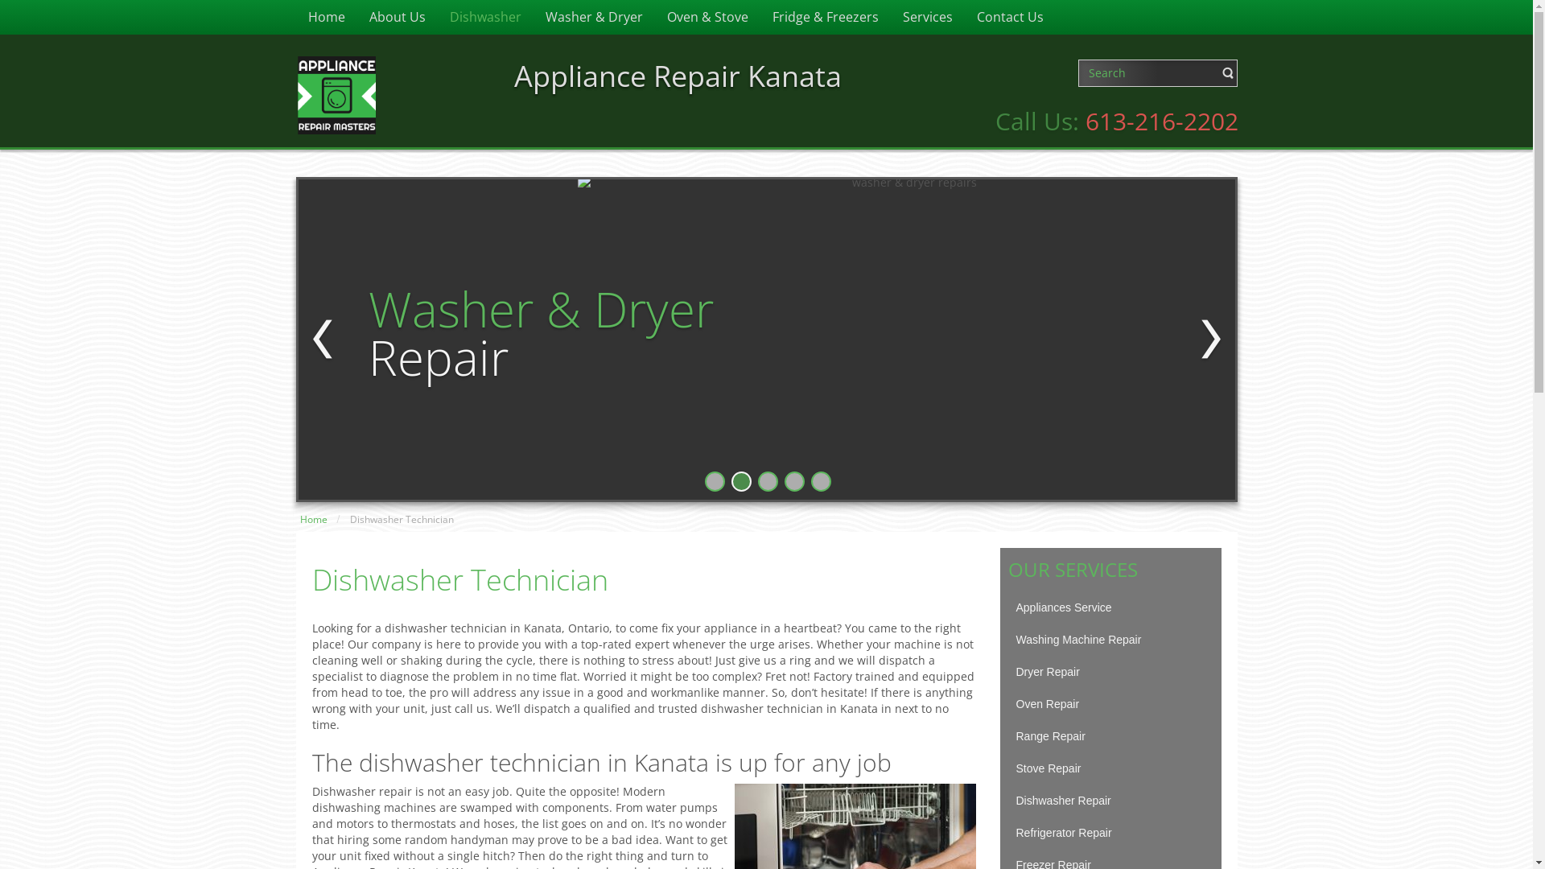 The width and height of the screenshot is (1545, 869). Describe the element at coordinates (1109, 768) in the screenshot. I see `'Stove Repair'` at that location.